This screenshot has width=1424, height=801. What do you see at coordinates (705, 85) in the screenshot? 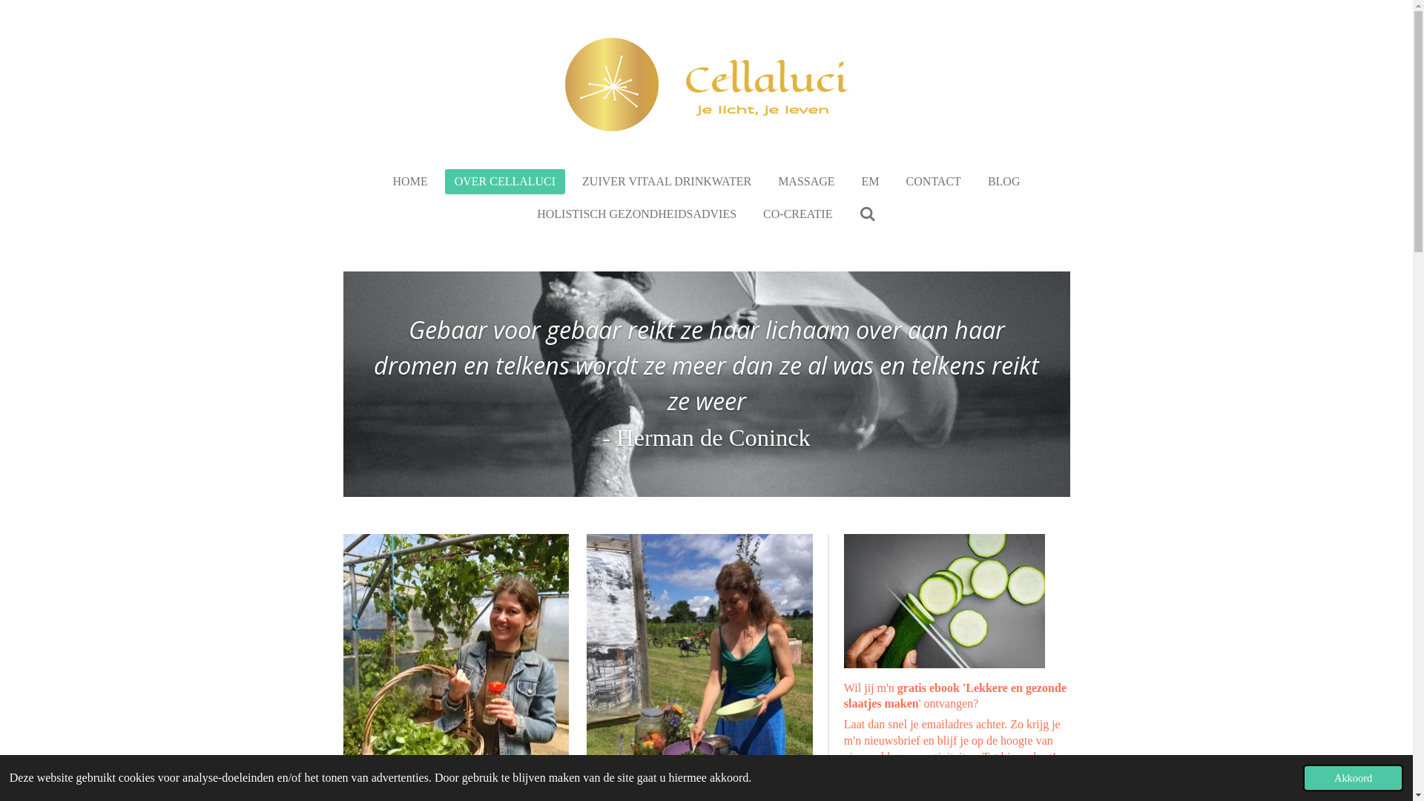
I see `'Cellaluci.be'` at bounding box center [705, 85].